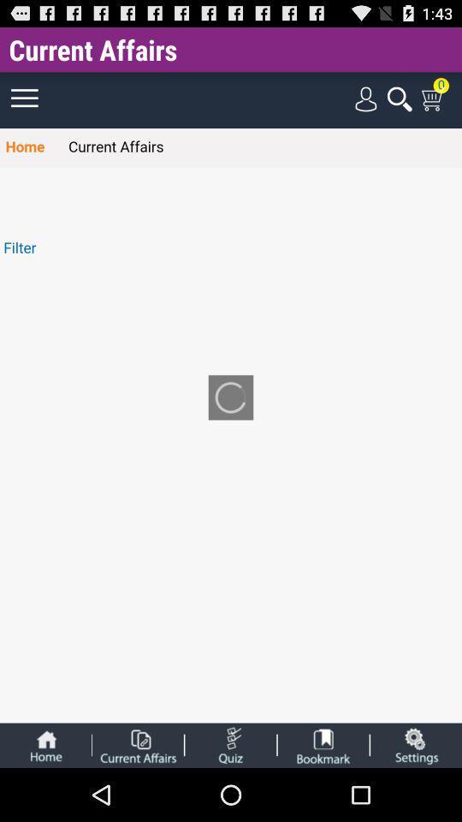 The image size is (462, 822). I want to click on bookmark item, so click(323, 744).